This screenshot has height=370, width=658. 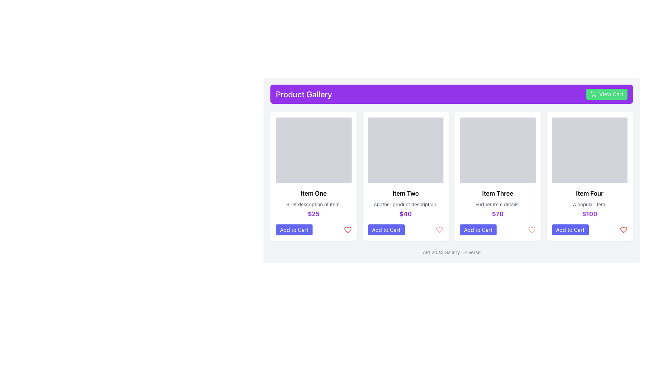 What do you see at coordinates (313, 204) in the screenshot?
I see `the text block displaying 'Brief description of item.' in gray font, located between the title 'Item One' and the price '$25' within the first product card of the gallery` at bounding box center [313, 204].